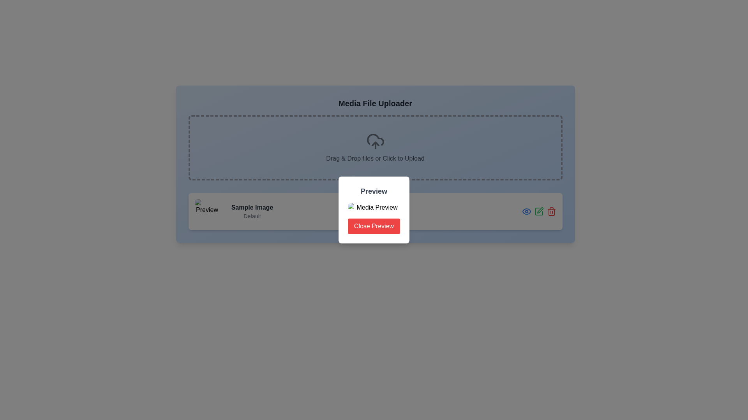 The image size is (748, 420). I want to click on the edit icon located, so click(538, 211).